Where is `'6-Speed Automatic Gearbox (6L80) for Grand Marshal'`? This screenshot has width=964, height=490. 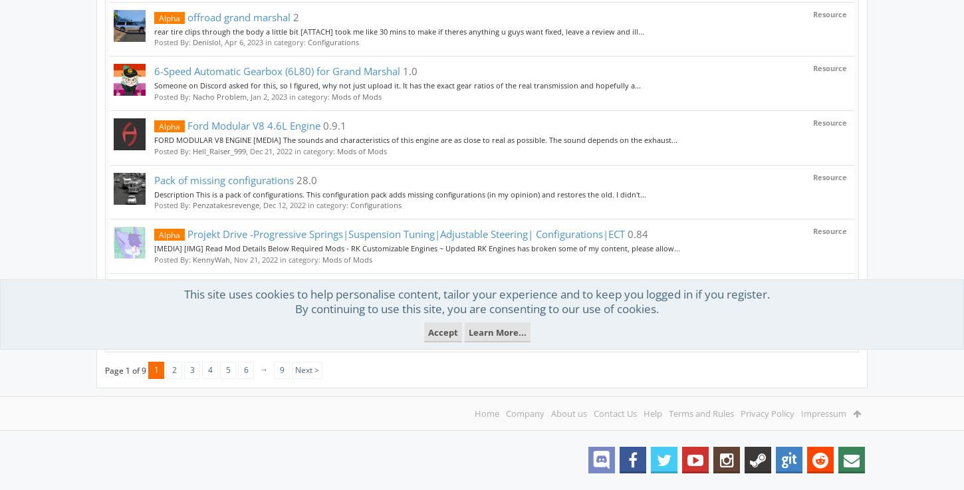 '6-Speed Automatic Gearbox (6L80) for Grand Marshal' is located at coordinates (154, 70).